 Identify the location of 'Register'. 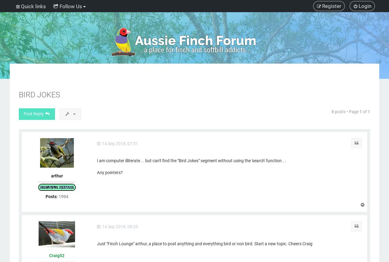
(331, 6).